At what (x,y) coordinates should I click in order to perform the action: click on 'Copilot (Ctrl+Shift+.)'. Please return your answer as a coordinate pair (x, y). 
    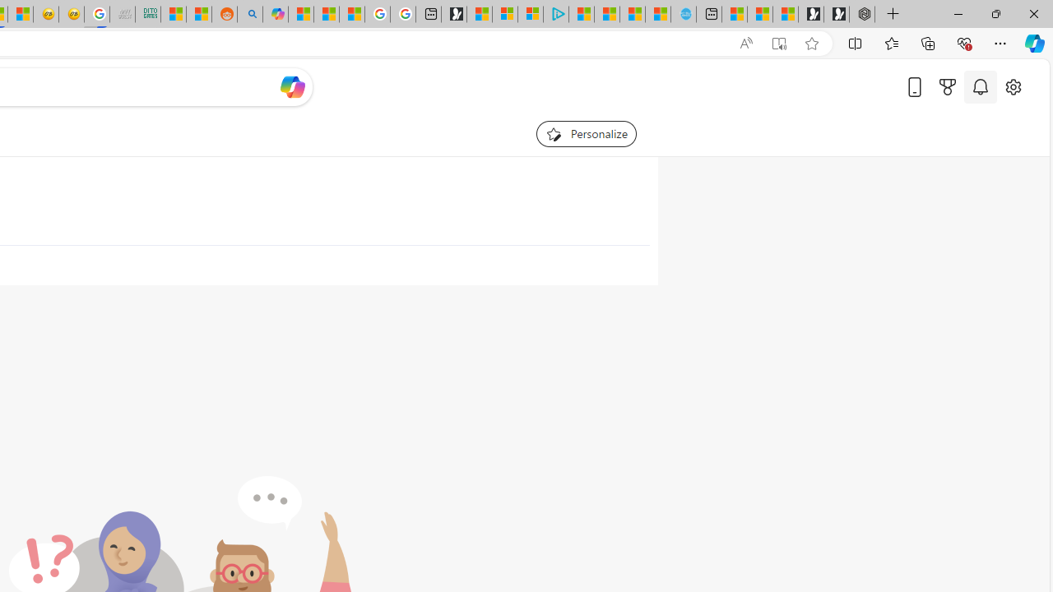
    Looking at the image, I should click on (1034, 42).